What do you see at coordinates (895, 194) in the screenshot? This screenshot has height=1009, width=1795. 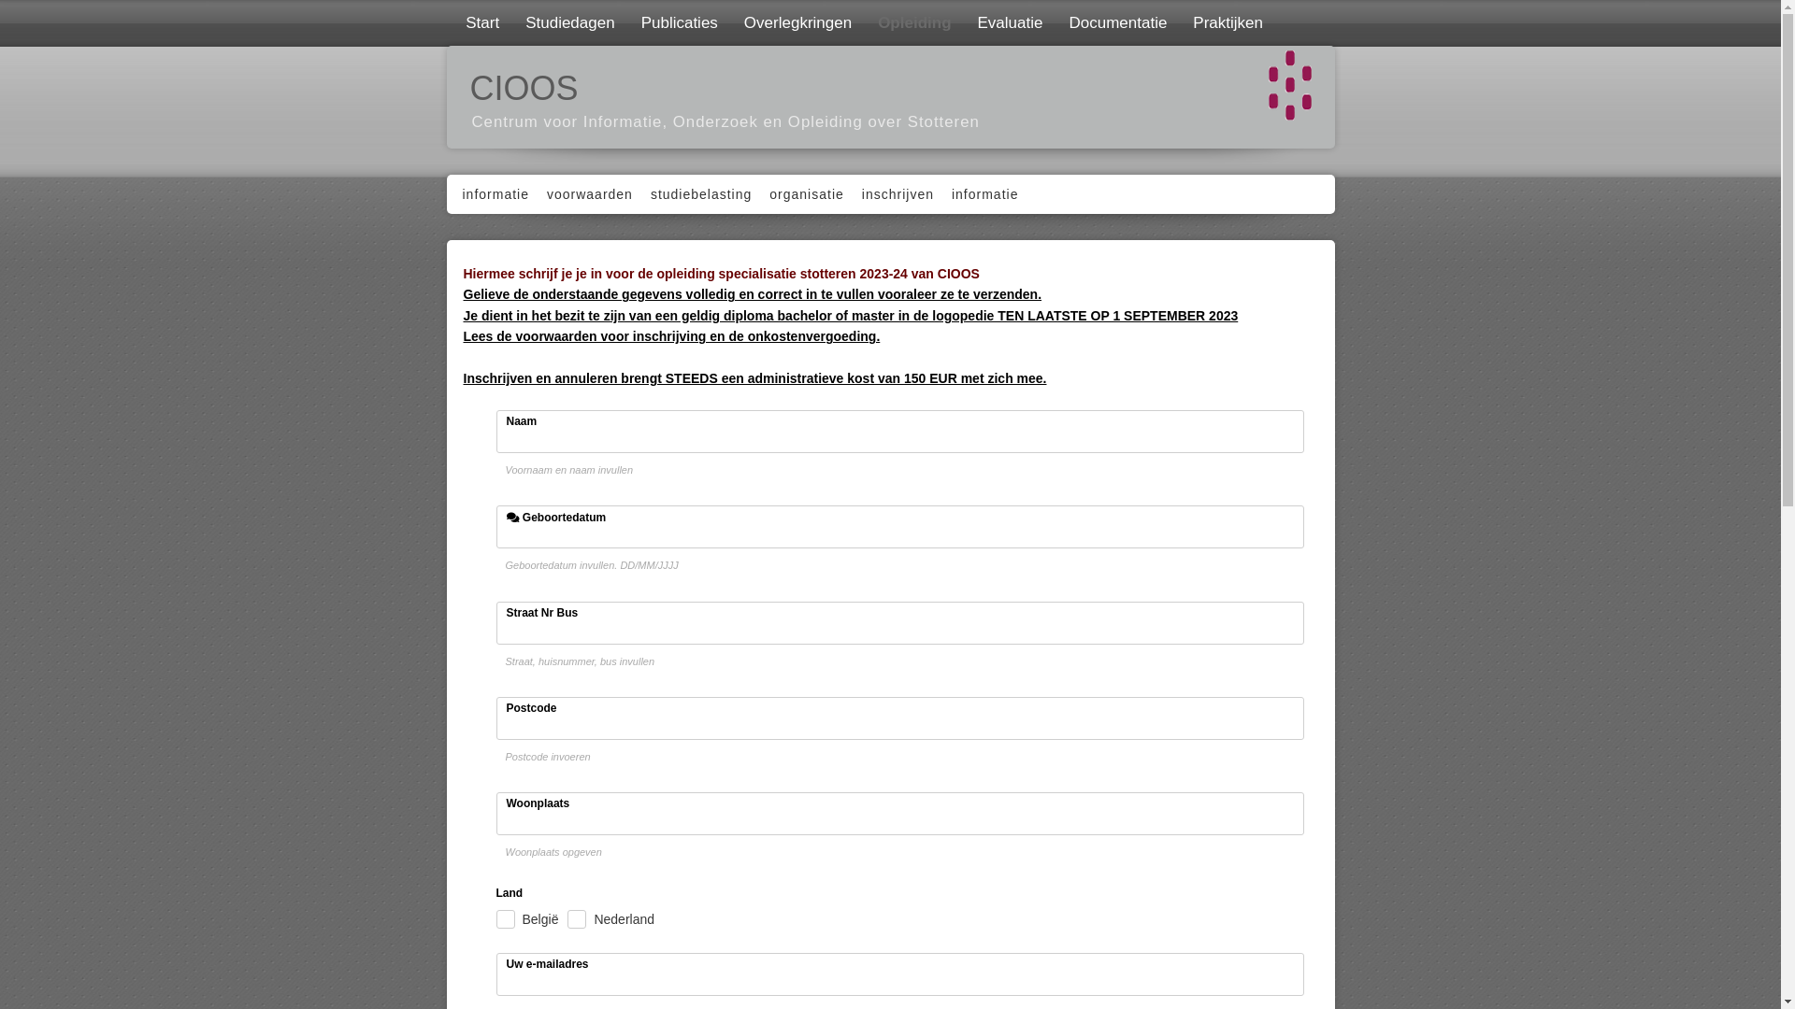 I see `'inschrijven'` at bounding box center [895, 194].